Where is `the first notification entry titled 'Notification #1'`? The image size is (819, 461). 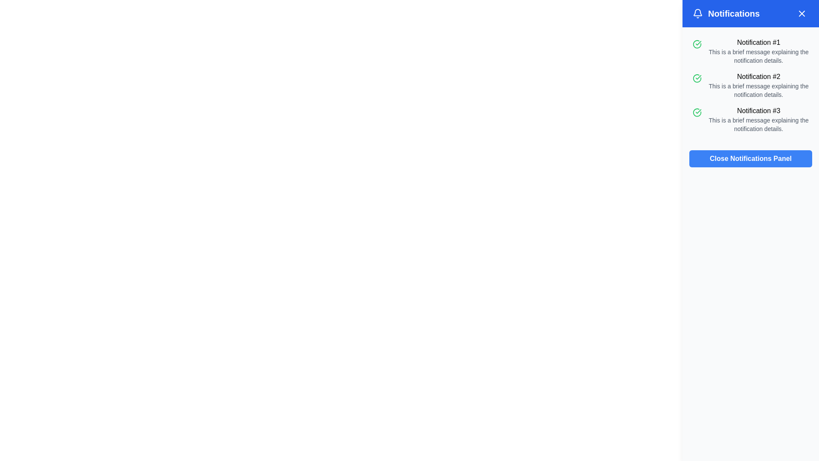
the first notification entry titled 'Notification #1' is located at coordinates (758, 51).